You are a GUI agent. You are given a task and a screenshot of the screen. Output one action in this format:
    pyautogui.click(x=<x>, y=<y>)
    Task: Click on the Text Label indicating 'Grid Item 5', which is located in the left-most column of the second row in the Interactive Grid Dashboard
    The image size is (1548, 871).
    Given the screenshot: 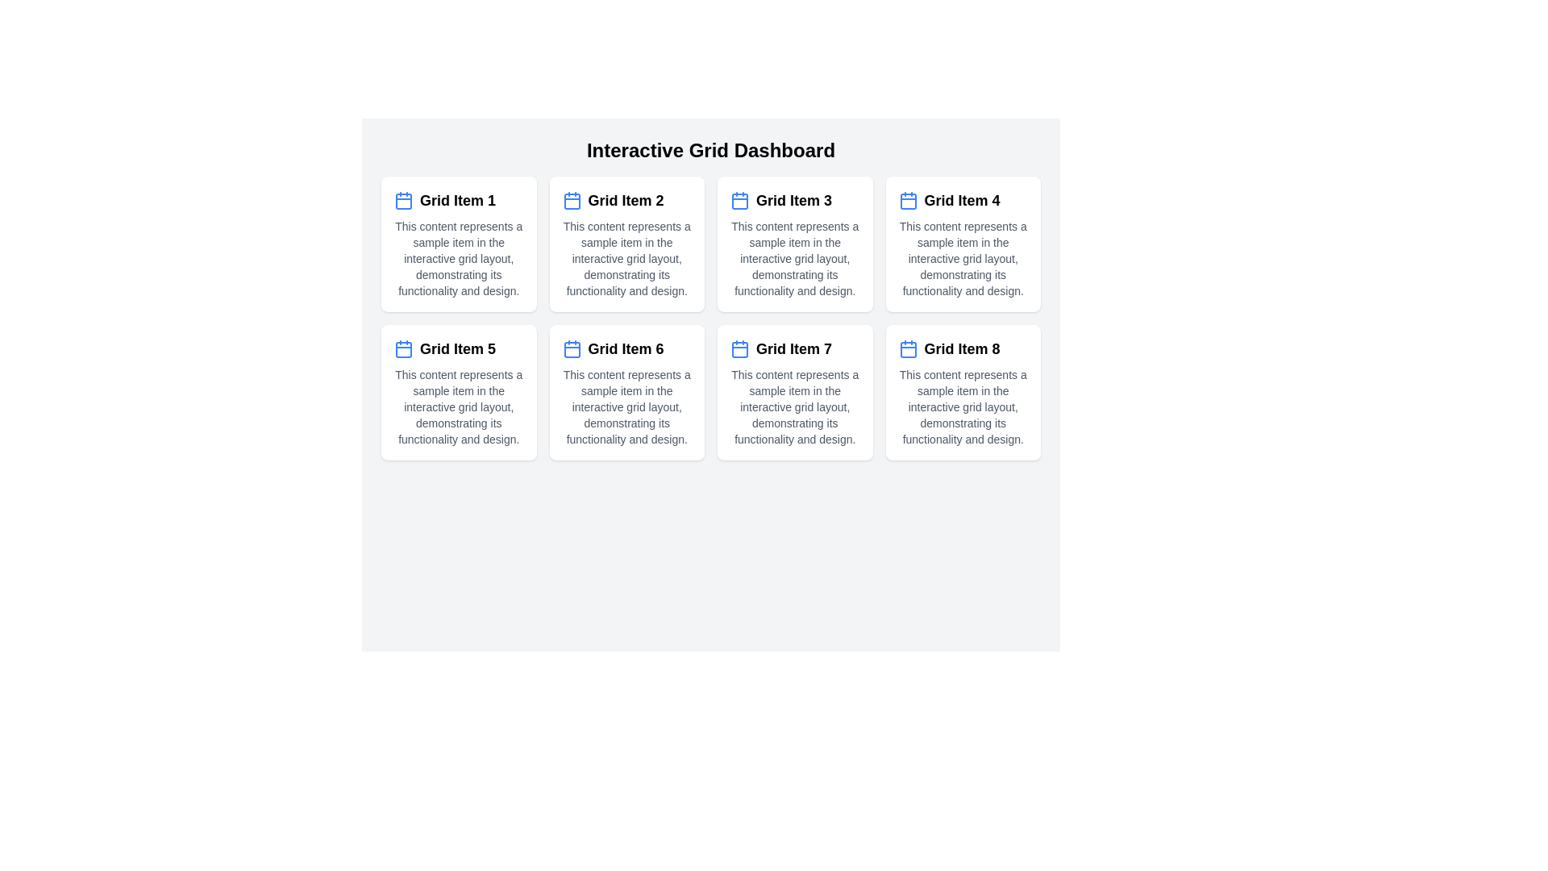 What is the action you would take?
    pyautogui.click(x=458, y=348)
    